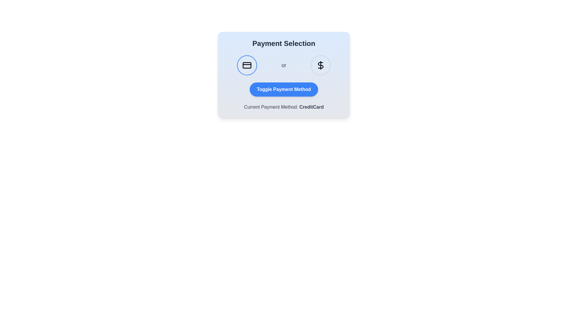 The height and width of the screenshot is (318, 566). I want to click on the text label displaying 'or', which is centrally placed between two circular payment method buttons, styled in medium gray font, so click(284, 65).